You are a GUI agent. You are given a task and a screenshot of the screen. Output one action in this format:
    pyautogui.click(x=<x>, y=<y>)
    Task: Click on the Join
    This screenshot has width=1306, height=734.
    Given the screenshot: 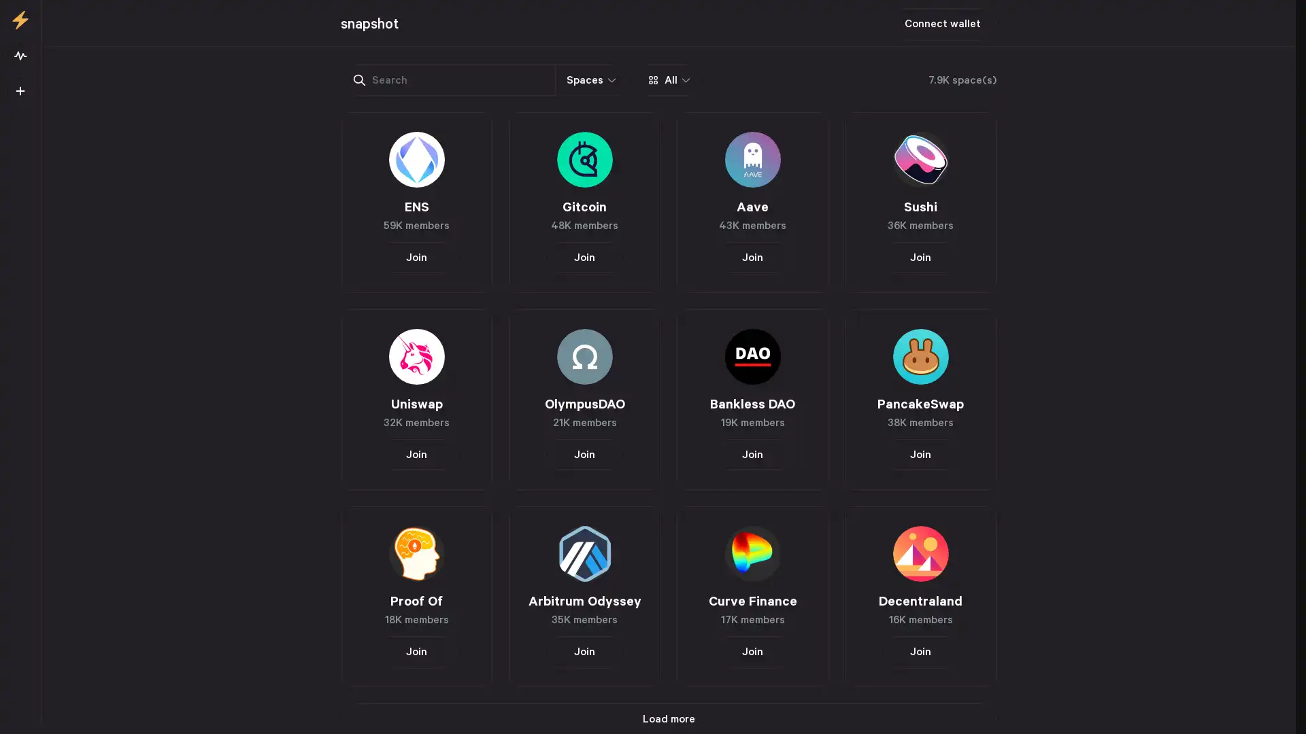 What is the action you would take?
    pyautogui.click(x=584, y=257)
    